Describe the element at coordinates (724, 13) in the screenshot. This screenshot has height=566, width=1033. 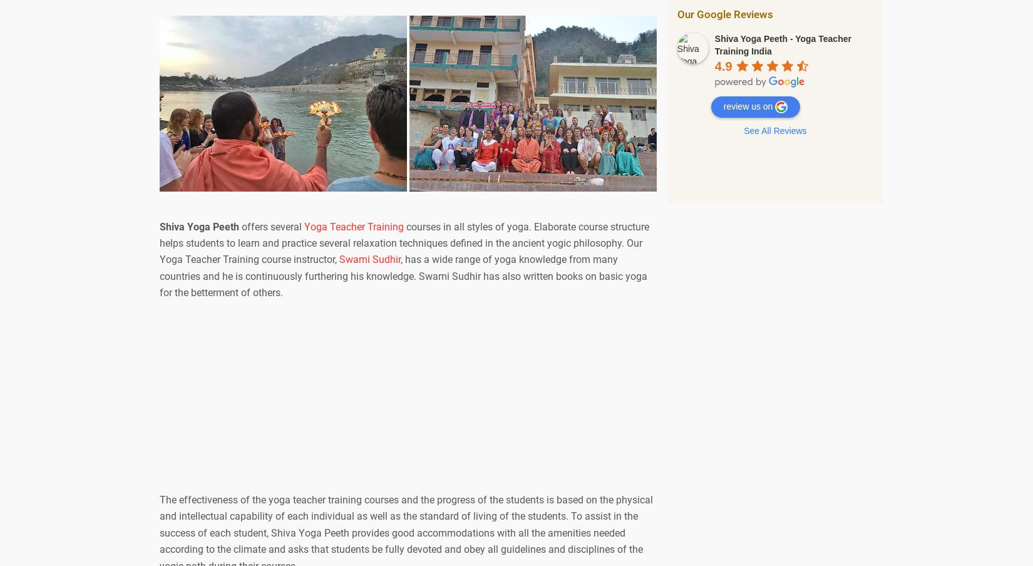
I see `'Our Google Reviews'` at that location.